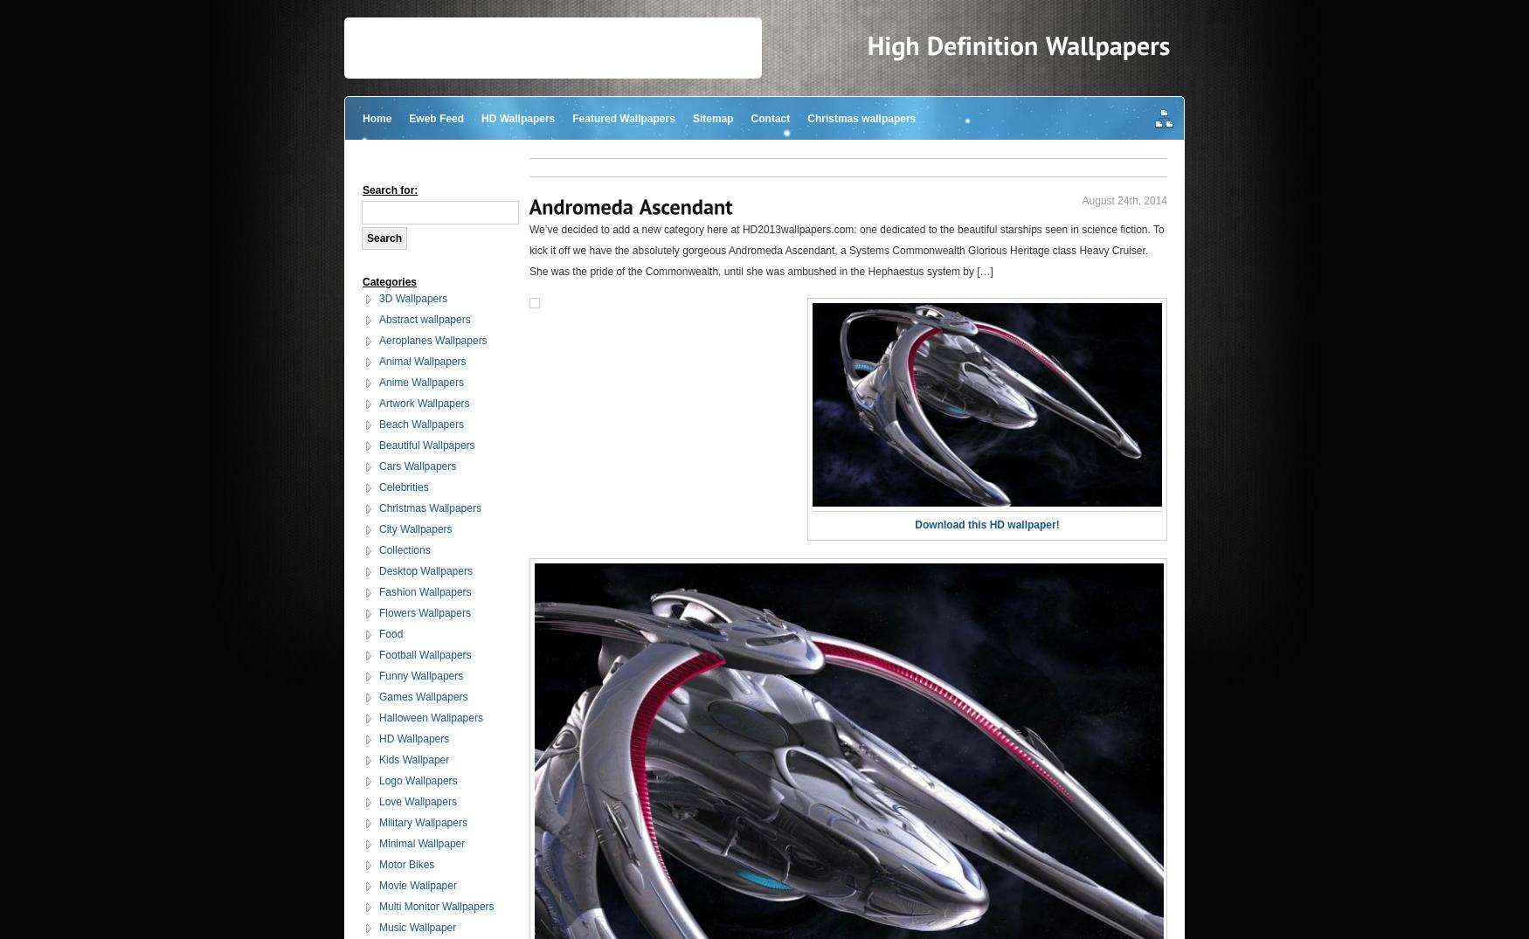 This screenshot has height=939, width=1529. I want to click on 'Artwork Wallpapers', so click(424, 404).